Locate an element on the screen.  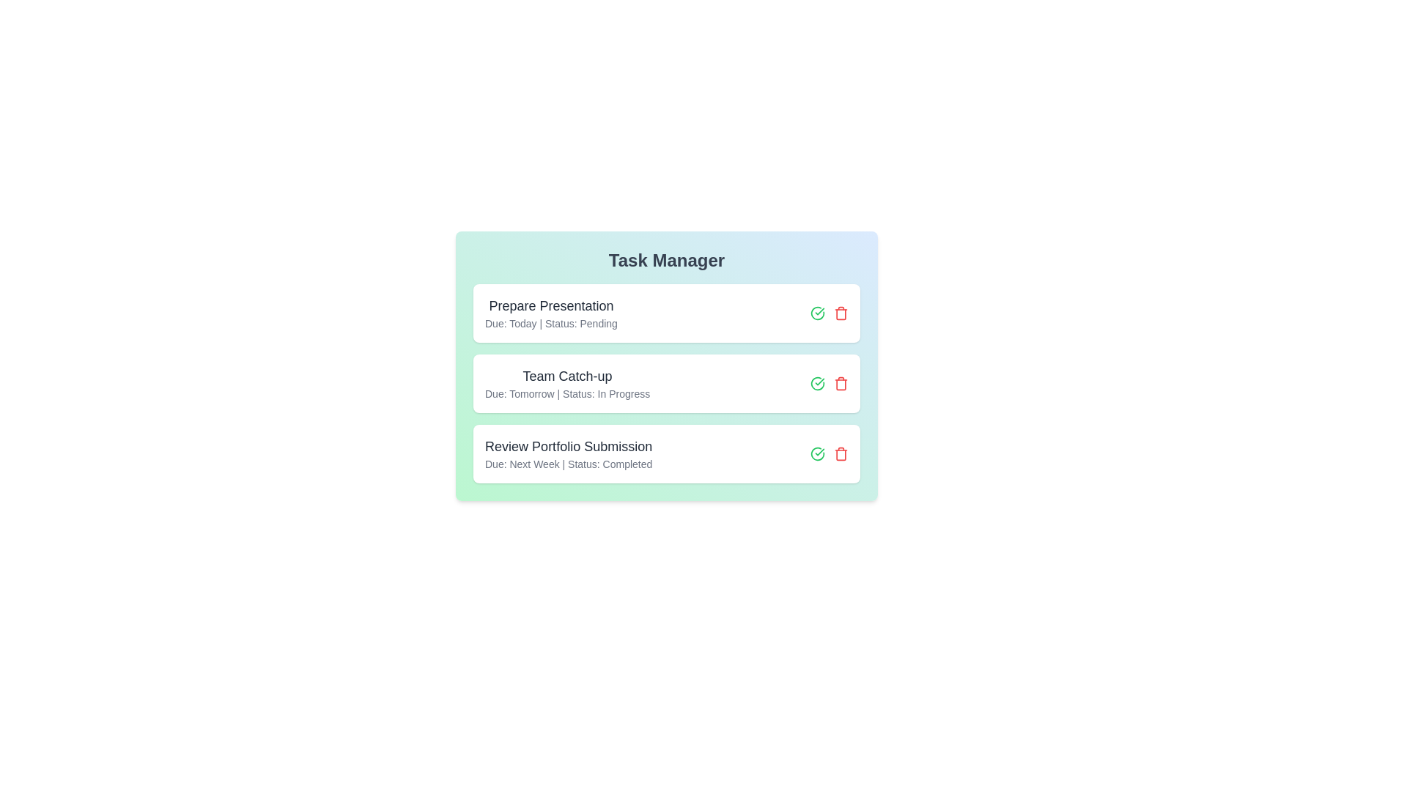
green checkmark button to mark the task 'Team Catch-up' as completed is located at coordinates (817, 383).